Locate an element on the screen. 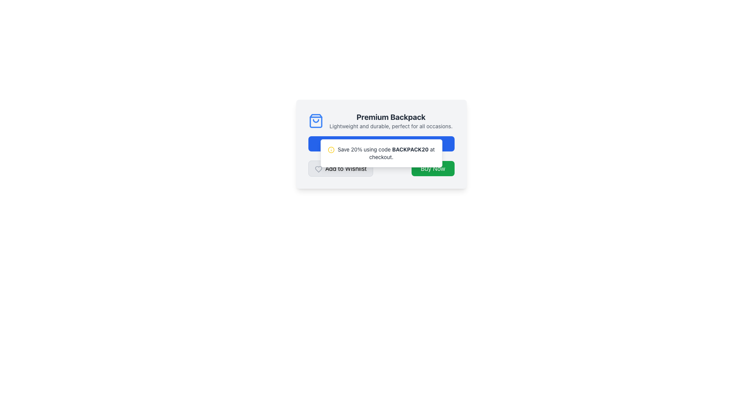 The image size is (731, 411). the text element that provides the title 'Premium Backpack' and the description 'Lightweight and durable, perfect for all occasions.' is located at coordinates (391, 120).